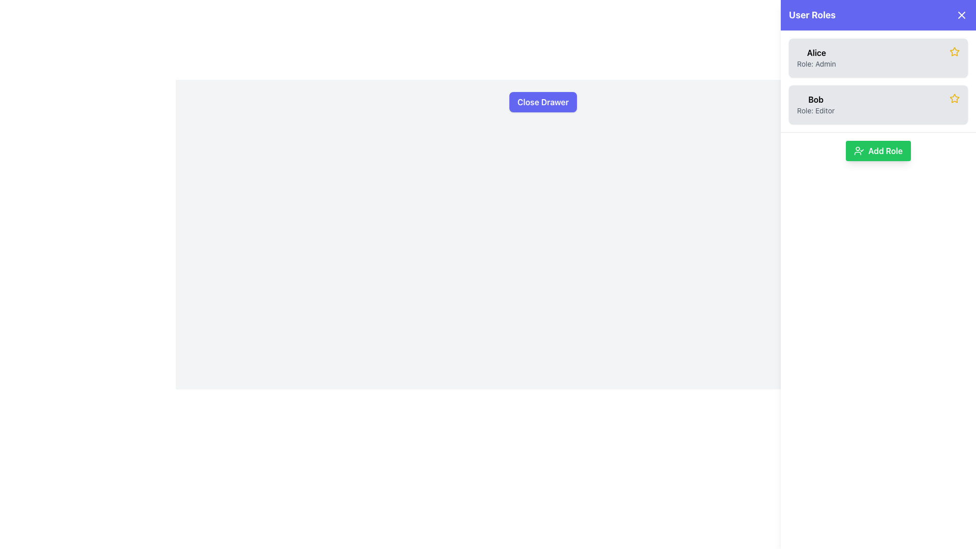 This screenshot has width=976, height=549. What do you see at coordinates (954, 51) in the screenshot?
I see `the yellow star-shaped icon in the 'User Roles' drawer under 'Bob' section labeled 'Role: Editor'` at bounding box center [954, 51].